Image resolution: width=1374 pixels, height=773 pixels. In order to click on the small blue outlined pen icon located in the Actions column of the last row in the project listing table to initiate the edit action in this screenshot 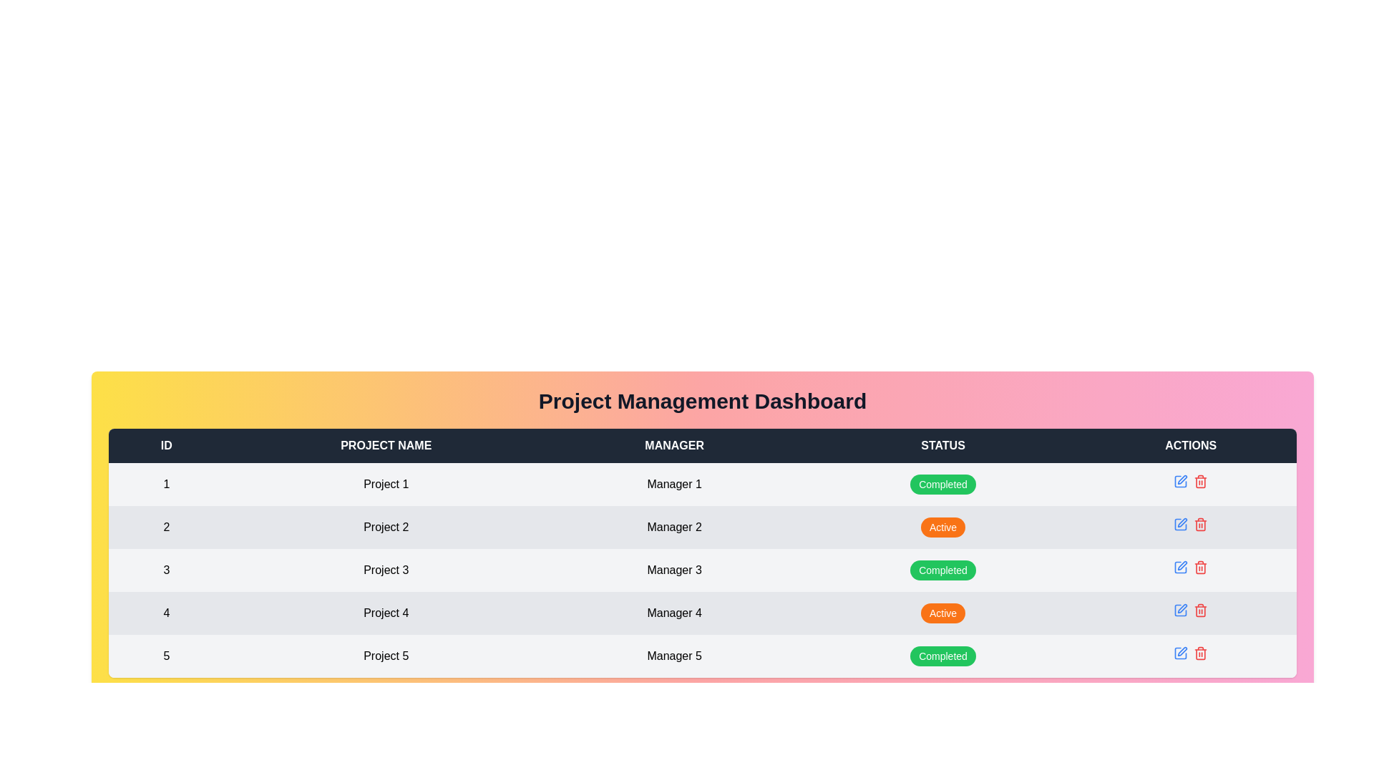, I will do `click(1181, 653)`.